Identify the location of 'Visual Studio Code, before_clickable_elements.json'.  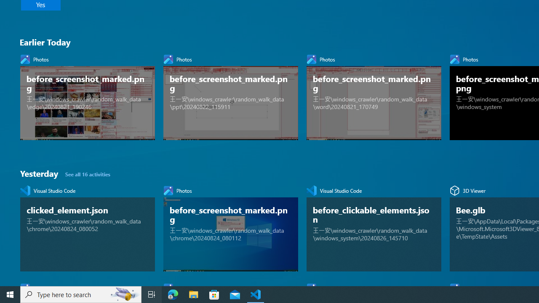
(374, 226).